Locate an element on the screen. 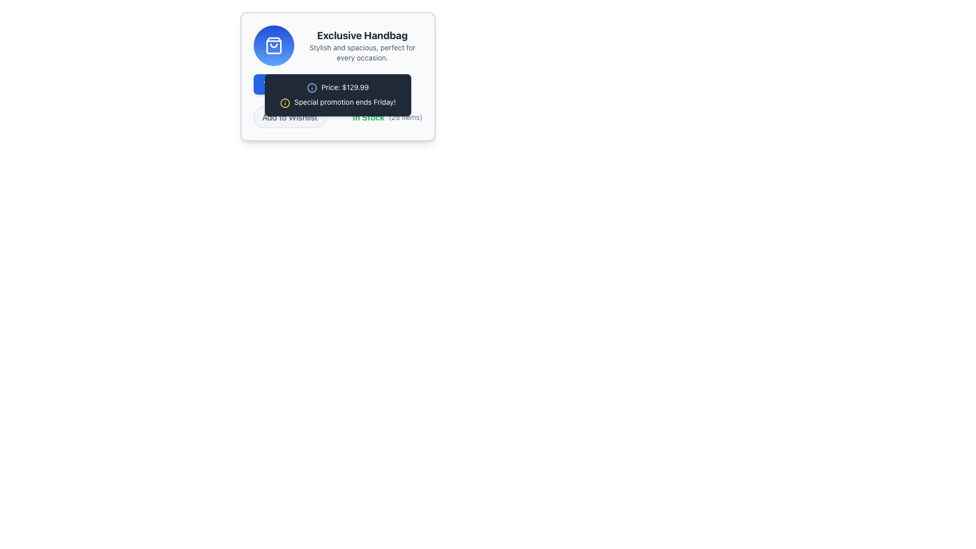  the static text element that provides a descriptive summary about the product, located below the title 'Exclusive Handbag' is located at coordinates (362, 53).